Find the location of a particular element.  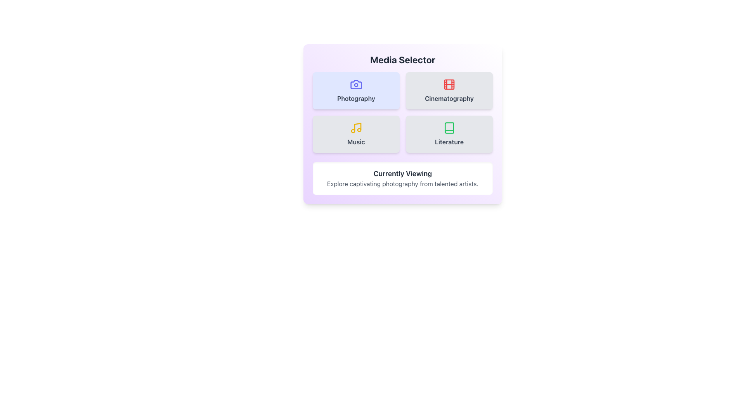

Photography icon located in the top-left quadrant of the Media Selector component by hovering over it for detailed information is located at coordinates (355, 85).